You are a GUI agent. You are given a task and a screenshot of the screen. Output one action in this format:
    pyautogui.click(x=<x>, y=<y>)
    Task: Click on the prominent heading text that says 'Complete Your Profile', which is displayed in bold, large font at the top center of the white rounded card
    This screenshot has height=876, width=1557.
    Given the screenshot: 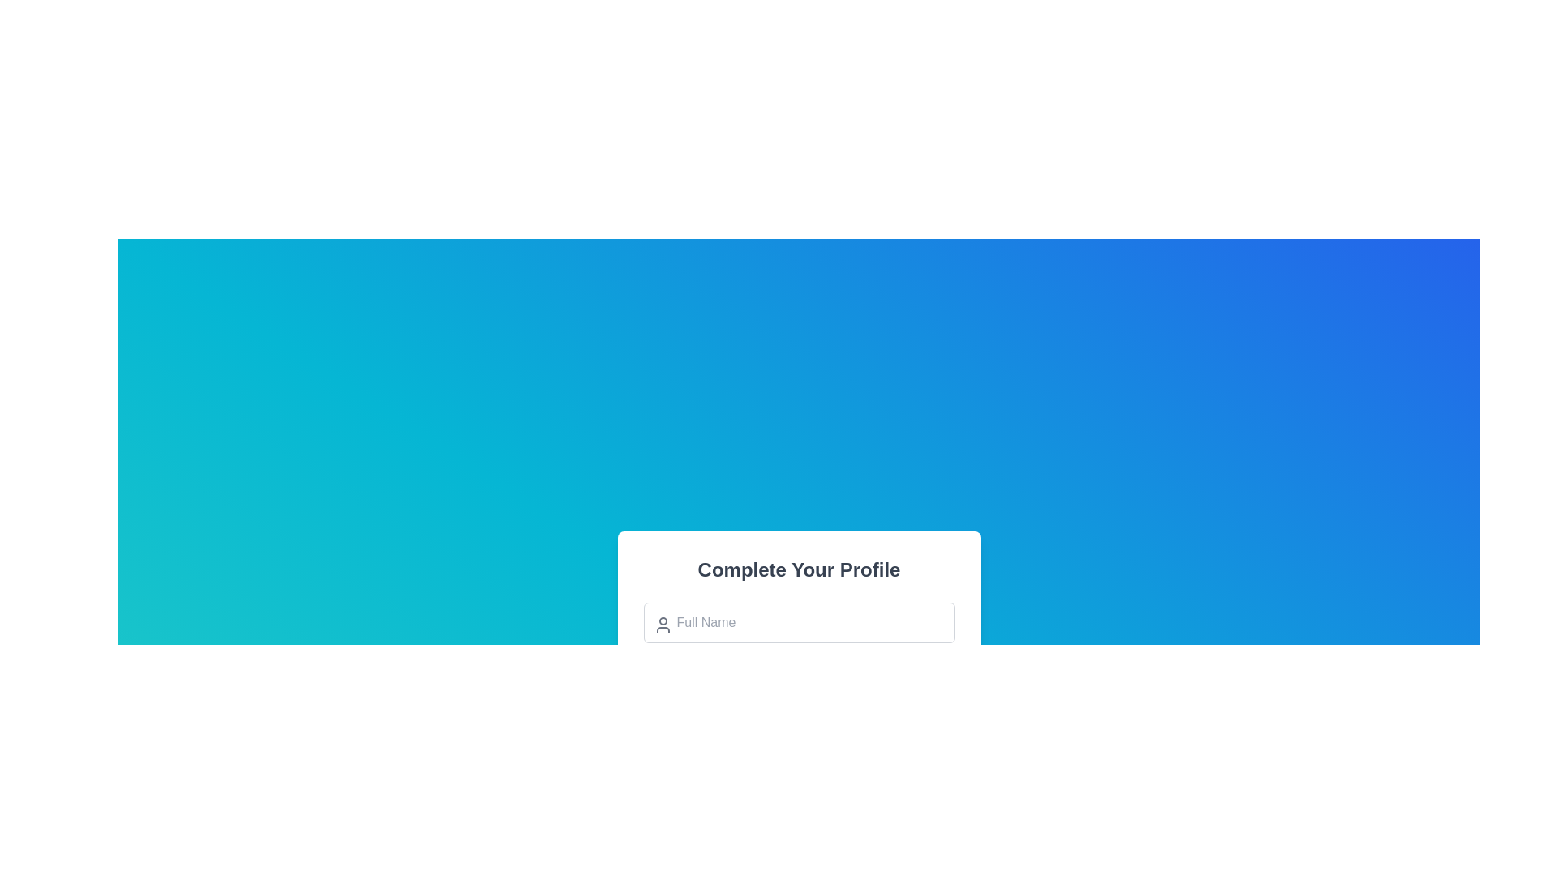 What is the action you would take?
    pyautogui.click(x=799, y=569)
    